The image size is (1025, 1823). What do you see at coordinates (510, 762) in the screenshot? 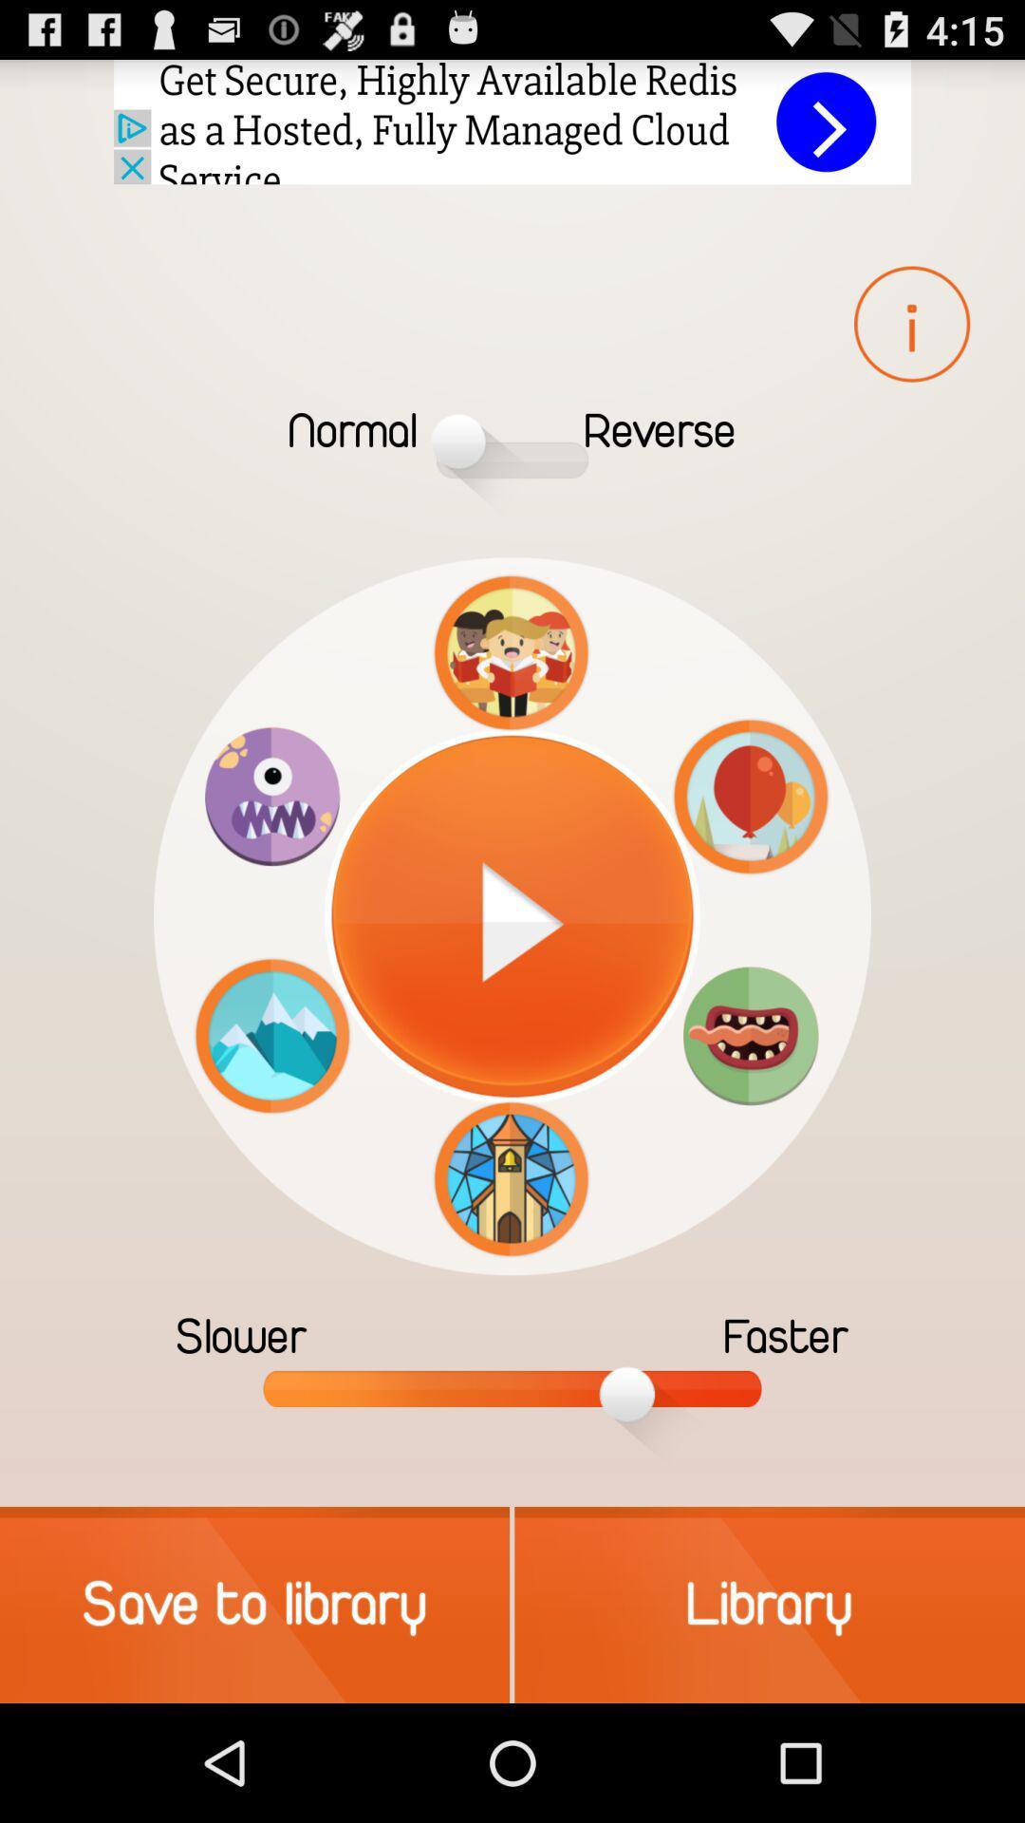
I see `the gift icon` at bounding box center [510, 762].